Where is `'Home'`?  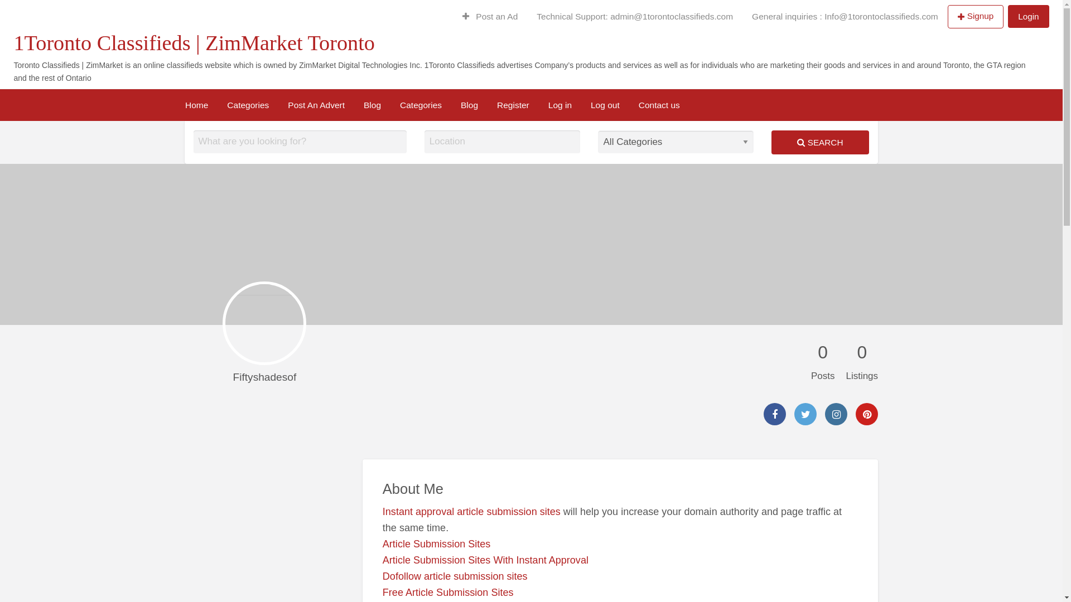 'Home' is located at coordinates (196, 105).